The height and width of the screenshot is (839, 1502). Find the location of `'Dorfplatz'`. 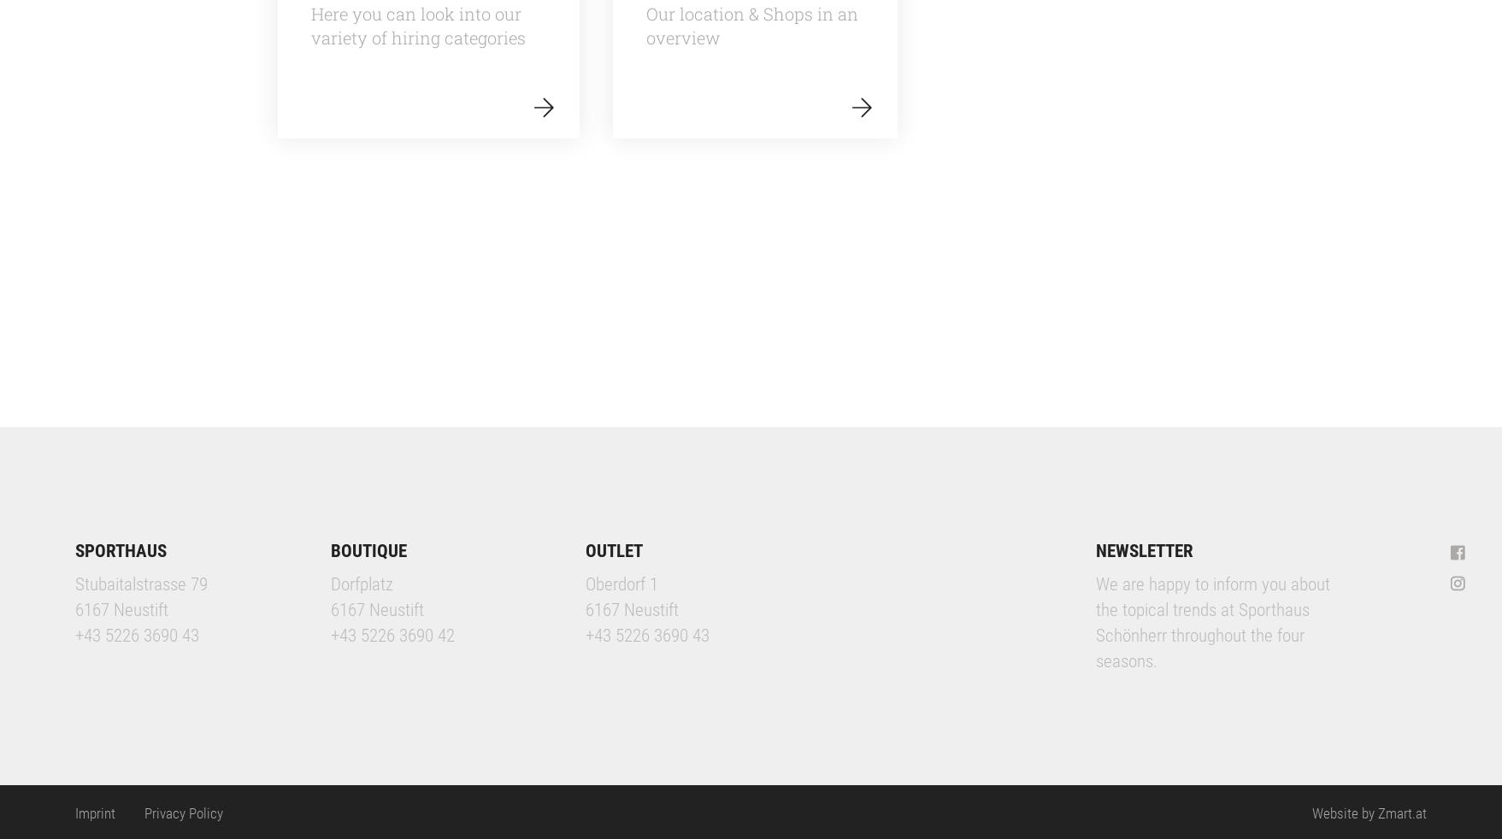

'Dorfplatz' is located at coordinates (360, 582).